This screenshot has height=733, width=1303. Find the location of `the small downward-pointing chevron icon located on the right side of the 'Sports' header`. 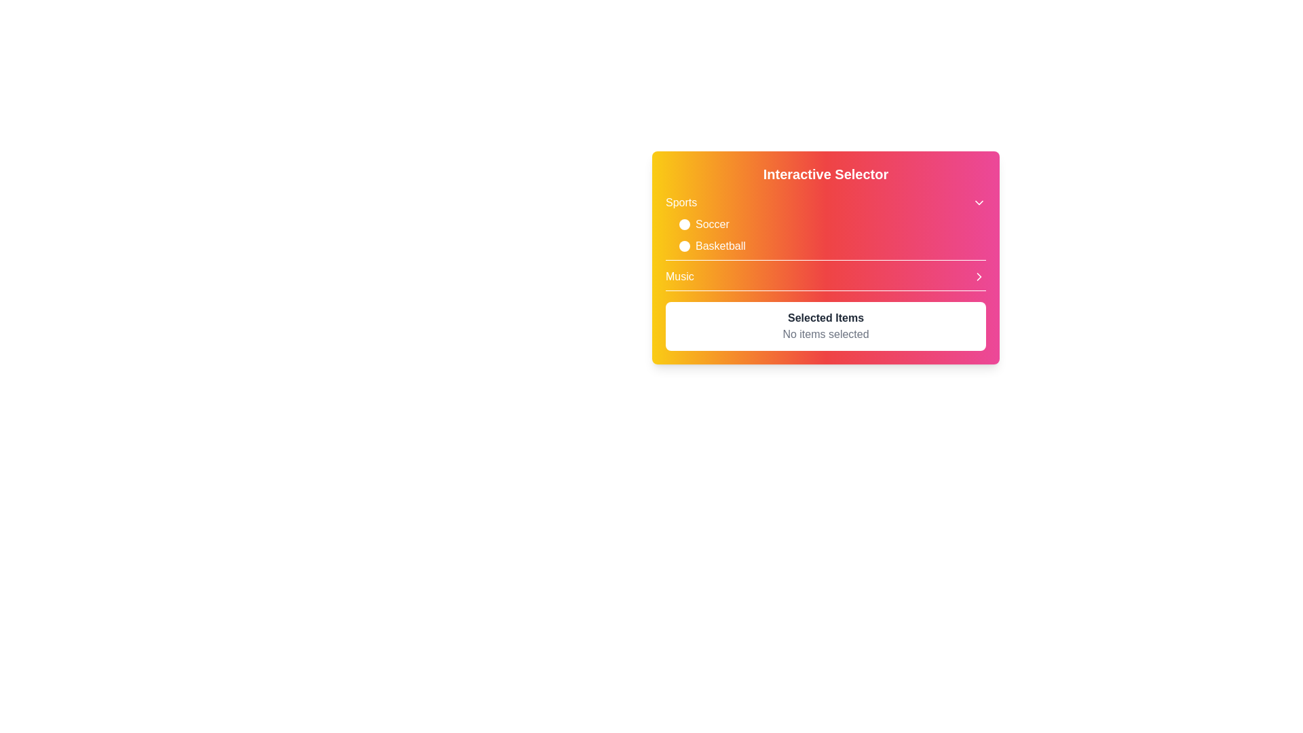

the small downward-pointing chevron icon located on the right side of the 'Sports' header is located at coordinates (979, 203).